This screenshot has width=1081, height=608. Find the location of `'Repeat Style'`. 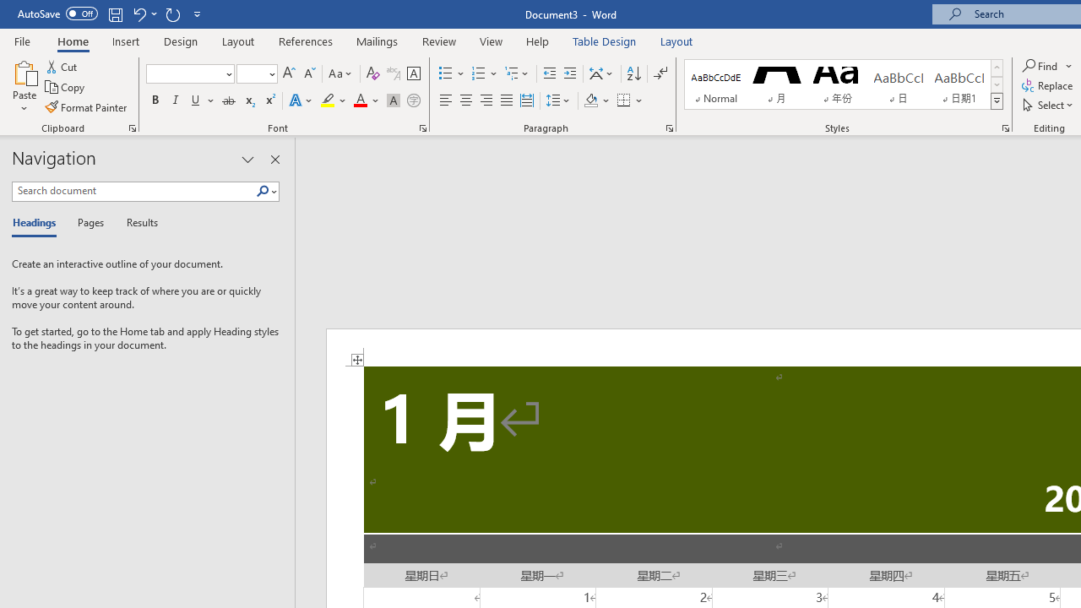

'Repeat Style' is located at coordinates (172, 14).